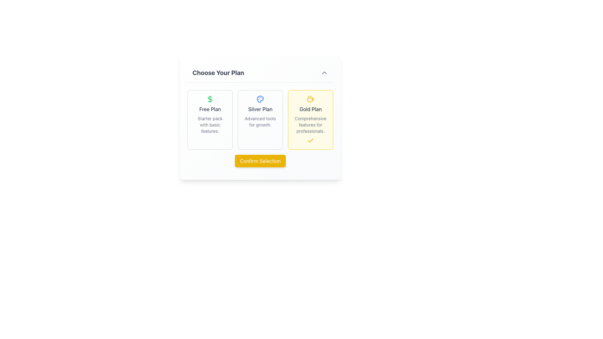 The width and height of the screenshot is (603, 339). Describe the element at coordinates (324, 72) in the screenshot. I see `the small downward-pointing chevron icon, which is gray and located to the right of the 'Choose Your Plan' text` at that location.